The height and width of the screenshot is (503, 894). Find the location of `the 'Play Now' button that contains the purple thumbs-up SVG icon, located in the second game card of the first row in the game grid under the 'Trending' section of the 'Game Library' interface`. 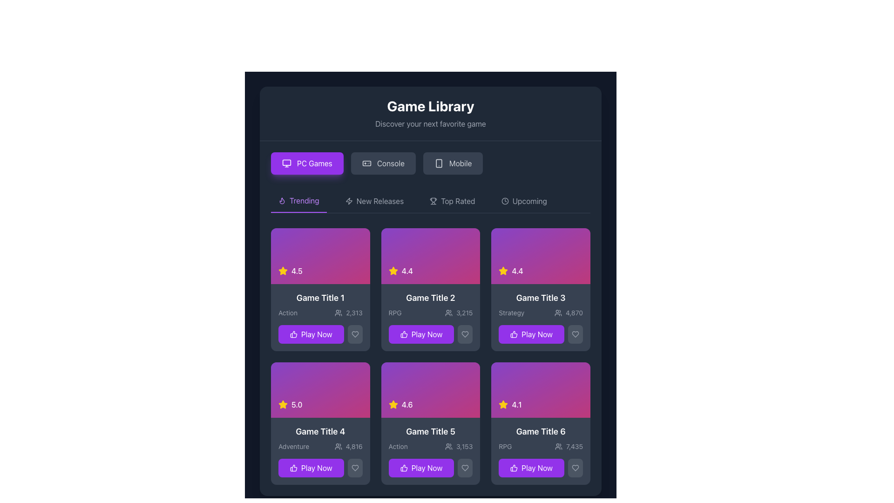

the 'Play Now' button that contains the purple thumbs-up SVG icon, located in the second game card of the first row in the game grid under the 'Trending' section of the 'Game Library' interface is located at coordinates (404, 333).